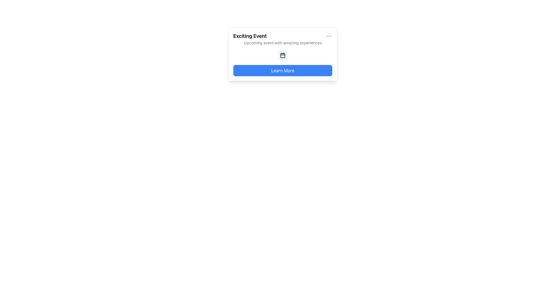 This screenshot has height=305, width=543. What do you see at coordinates (283, 55) in the screenshot?
I see `the rectangular calendar icon with a light gray background, located beneath the 'Upcoming event with amazing experiences' text and above the 'Learn More' button` at bounding box center [283, 55].